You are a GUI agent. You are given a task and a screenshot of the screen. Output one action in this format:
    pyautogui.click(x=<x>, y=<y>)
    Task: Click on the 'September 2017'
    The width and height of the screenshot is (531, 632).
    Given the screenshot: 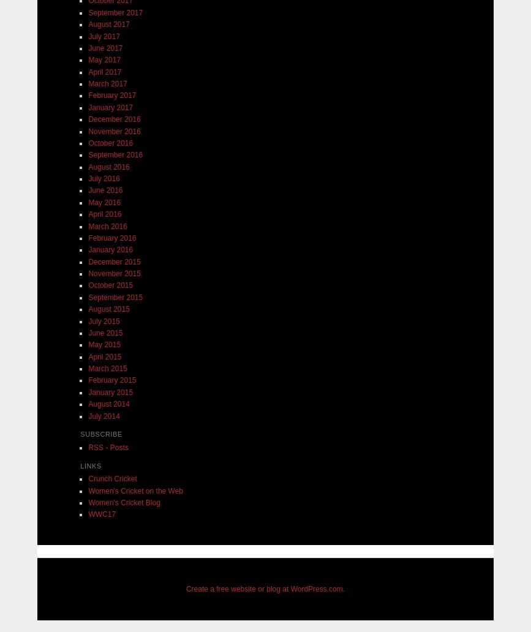 What is the action you would take?
    pyautogui.click(x=115, y=12)
    